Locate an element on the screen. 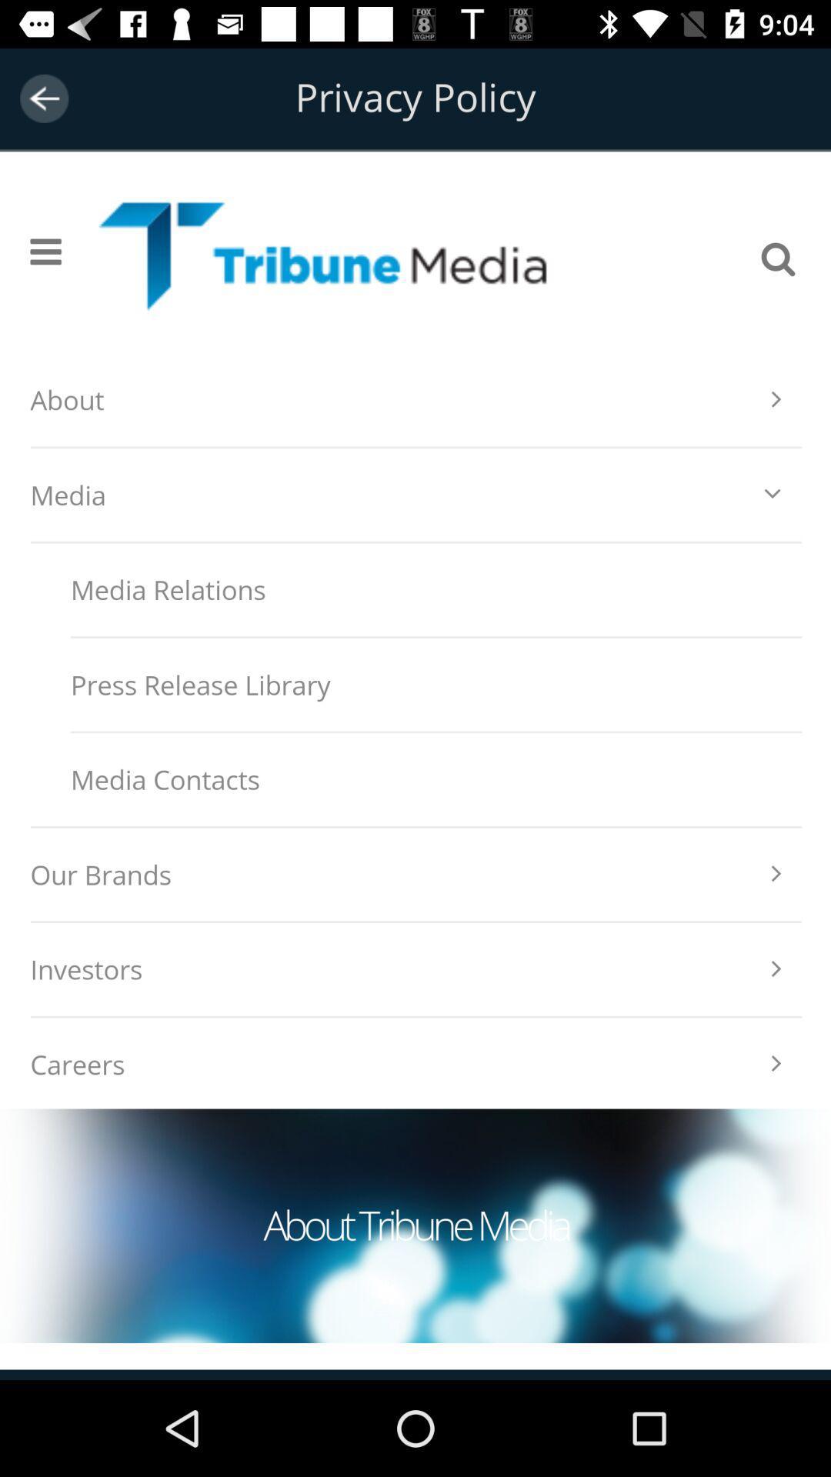 The width and height of the screenshot is (831, 1477). the arrow_backward icon is located at coordinates (43, 98).